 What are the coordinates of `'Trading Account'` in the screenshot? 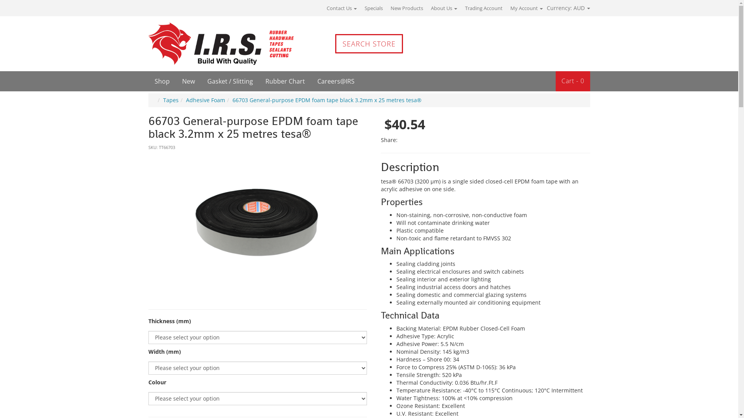 It's located at (483, 8).